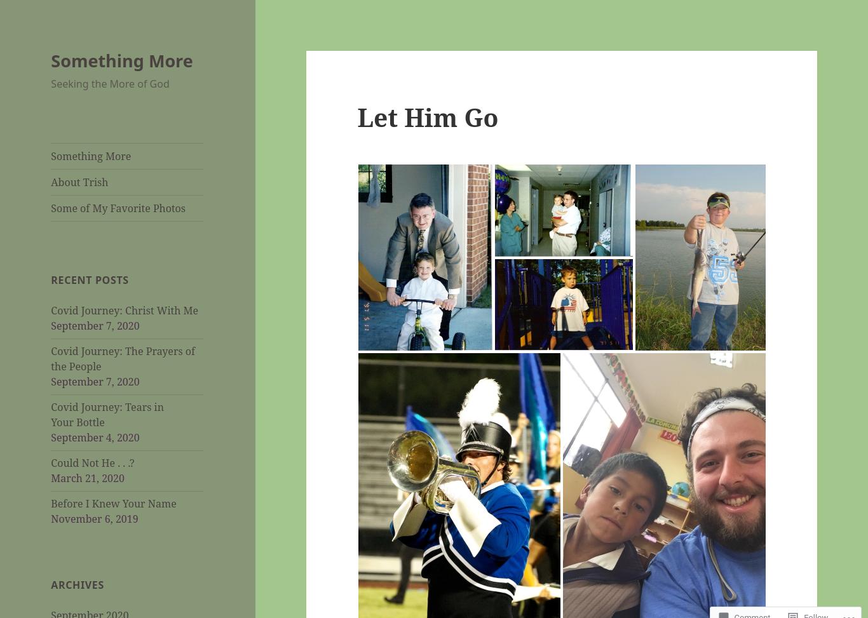 This screenshot has width=868, height=618. What do you see at coordinates (51, 478) in the screenshot?
I see `'March 21, 2020'` at bounding box center [51, 478].